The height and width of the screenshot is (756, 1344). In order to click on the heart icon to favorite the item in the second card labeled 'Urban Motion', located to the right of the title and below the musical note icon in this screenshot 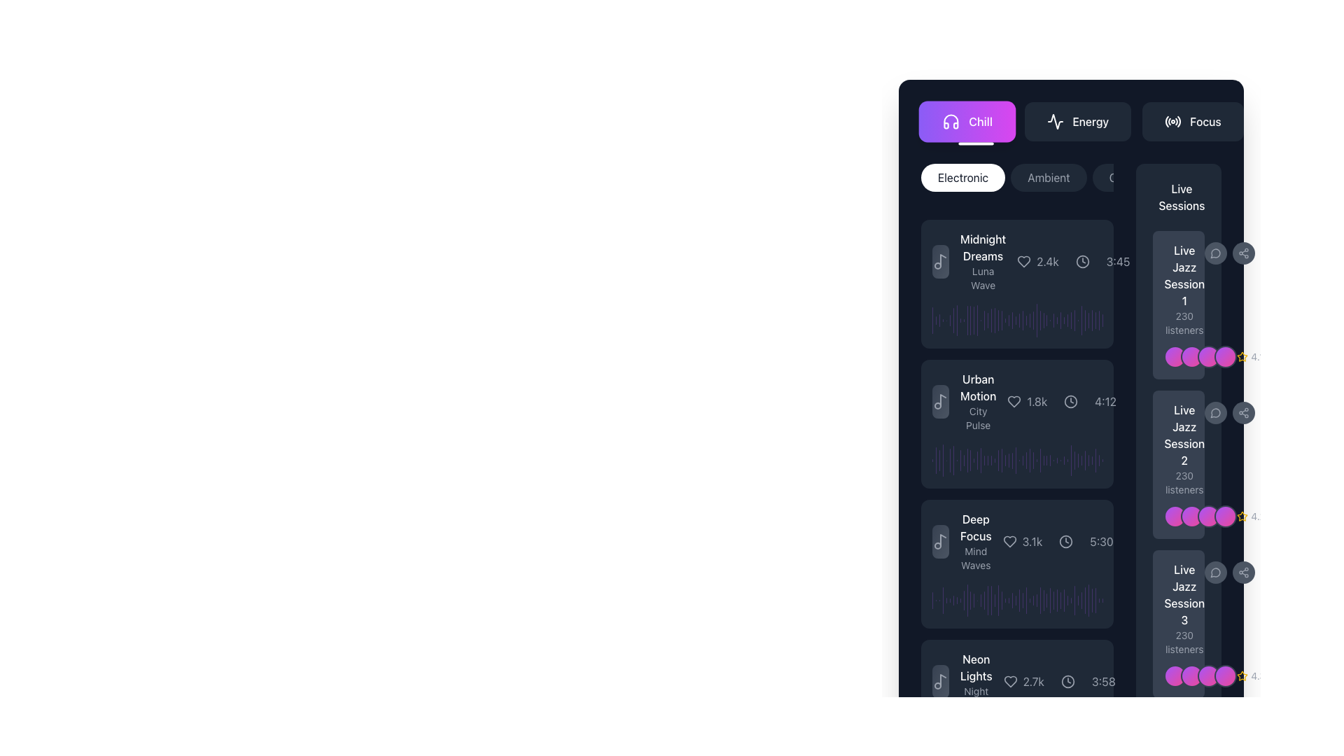, I will do `click(1014, 402)`.